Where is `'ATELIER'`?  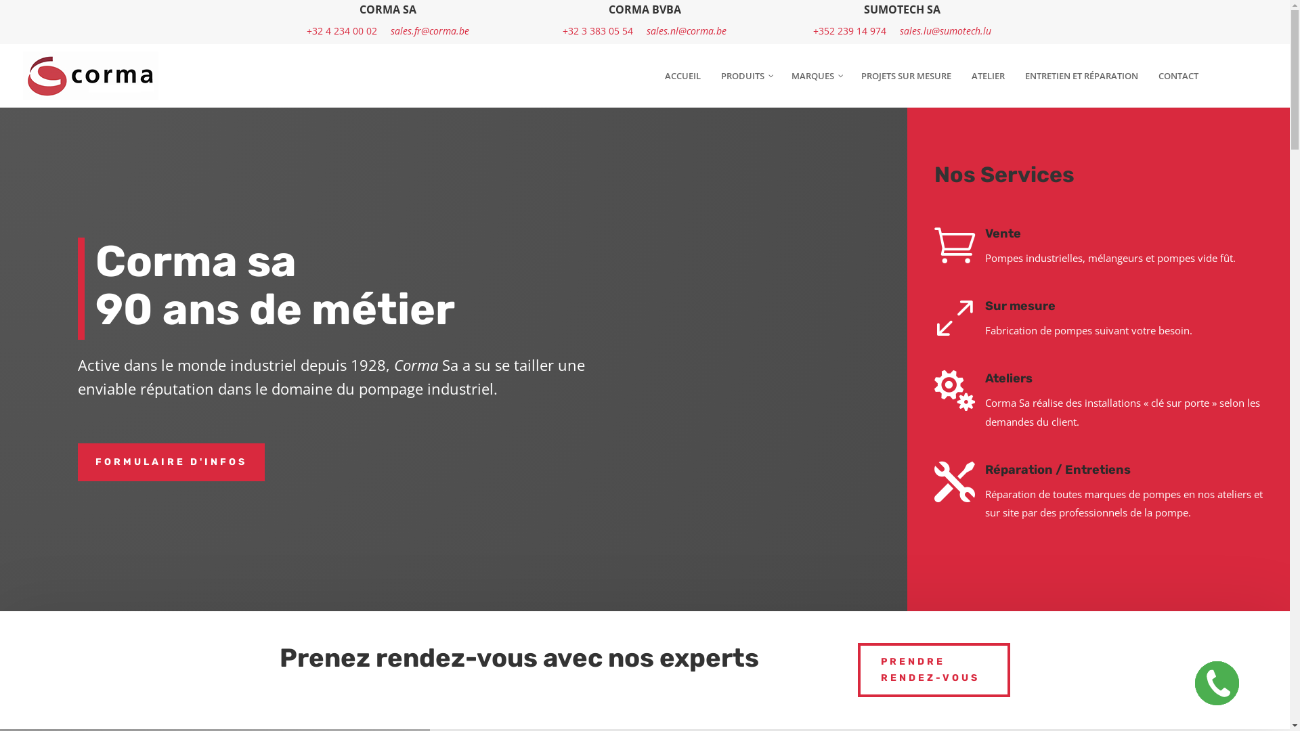
'ATELIER' is located at coordinates (988, 87).